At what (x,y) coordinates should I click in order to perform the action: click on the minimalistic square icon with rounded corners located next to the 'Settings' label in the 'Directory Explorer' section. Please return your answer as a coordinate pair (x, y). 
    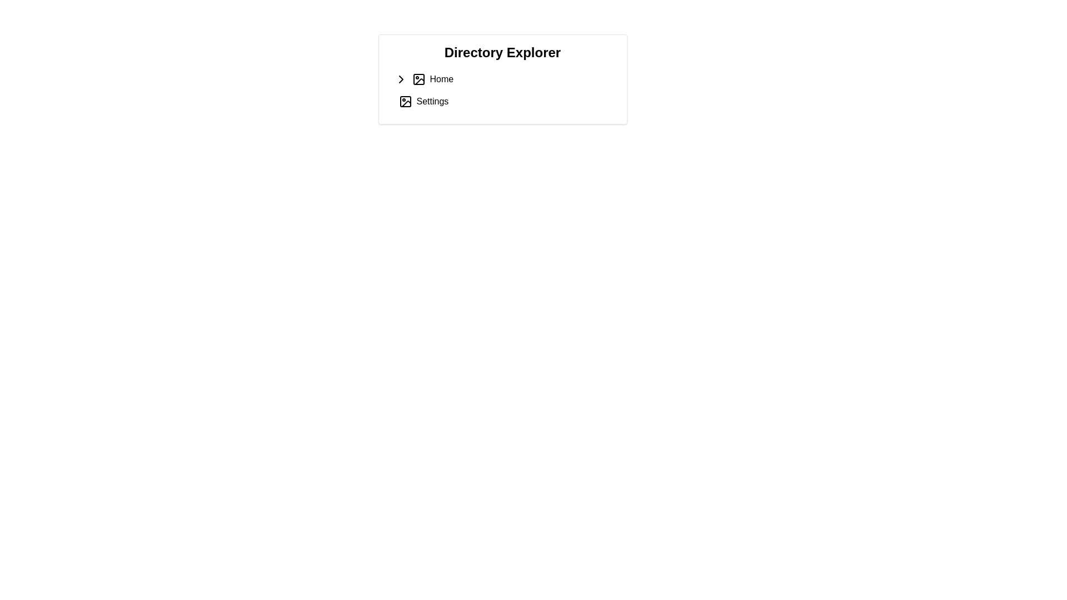
    Looking at the image, I should click on (405, 101).